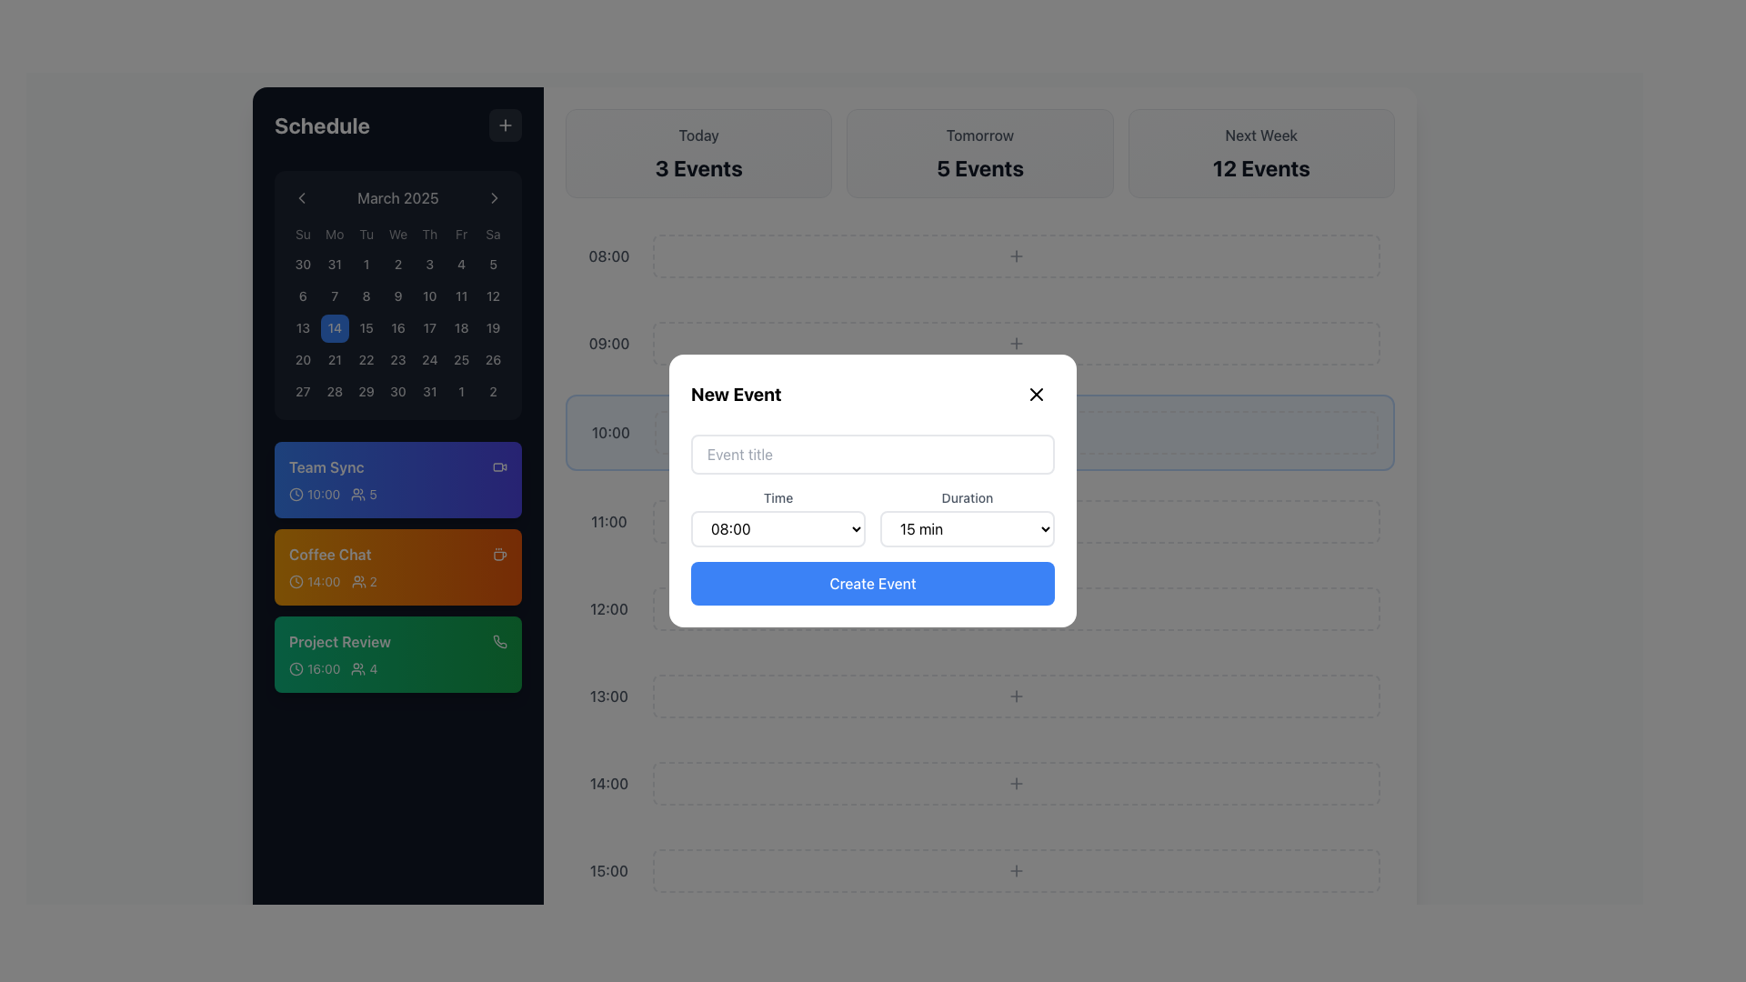 The image size is (1746, 982). Describe the element at coordinates (358, 495) in the screenshot. I see `the minimalistic group of users icon with a white outline on a dark blue background located in the 'Team Sync' block, positioned to the left of the number '5'` at that location.